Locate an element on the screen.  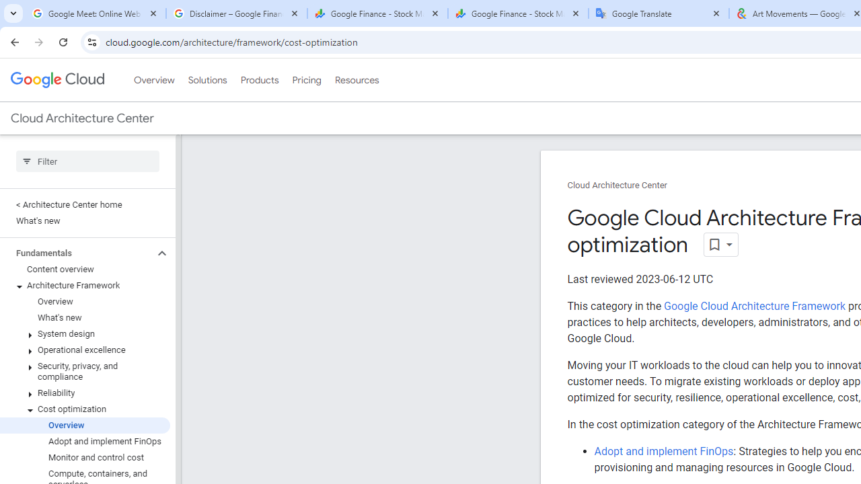
'Pricing' is located at coordinates (305, 80).